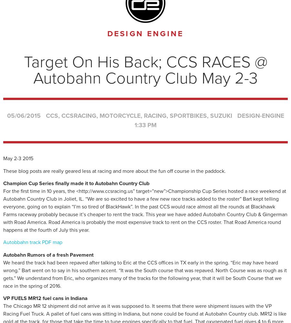 Image resolution: width=291 pixels, height=323 pixels. I want to click on 'Autobahn Rumors of a fresh Pavement', so click(48, 254).